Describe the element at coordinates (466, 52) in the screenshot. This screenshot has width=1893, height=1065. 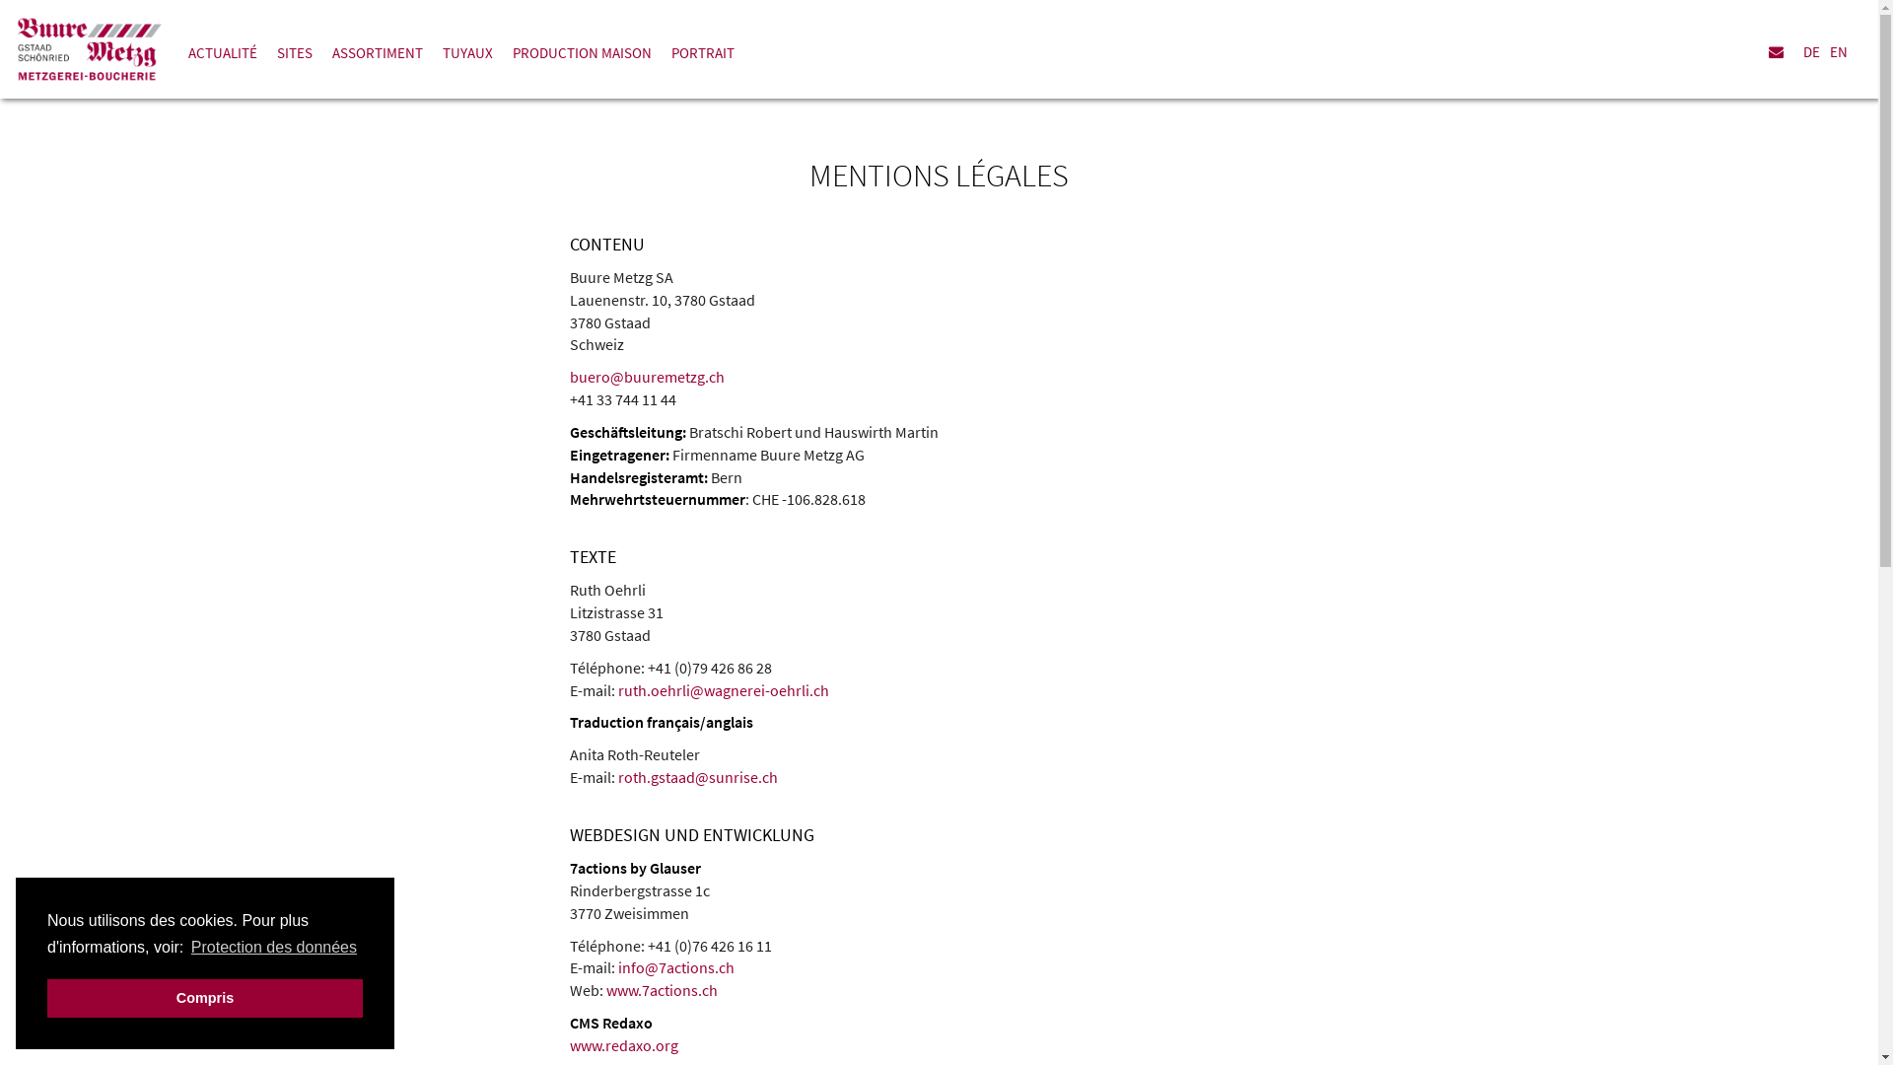
I see `'TUYAUX'` at that location.